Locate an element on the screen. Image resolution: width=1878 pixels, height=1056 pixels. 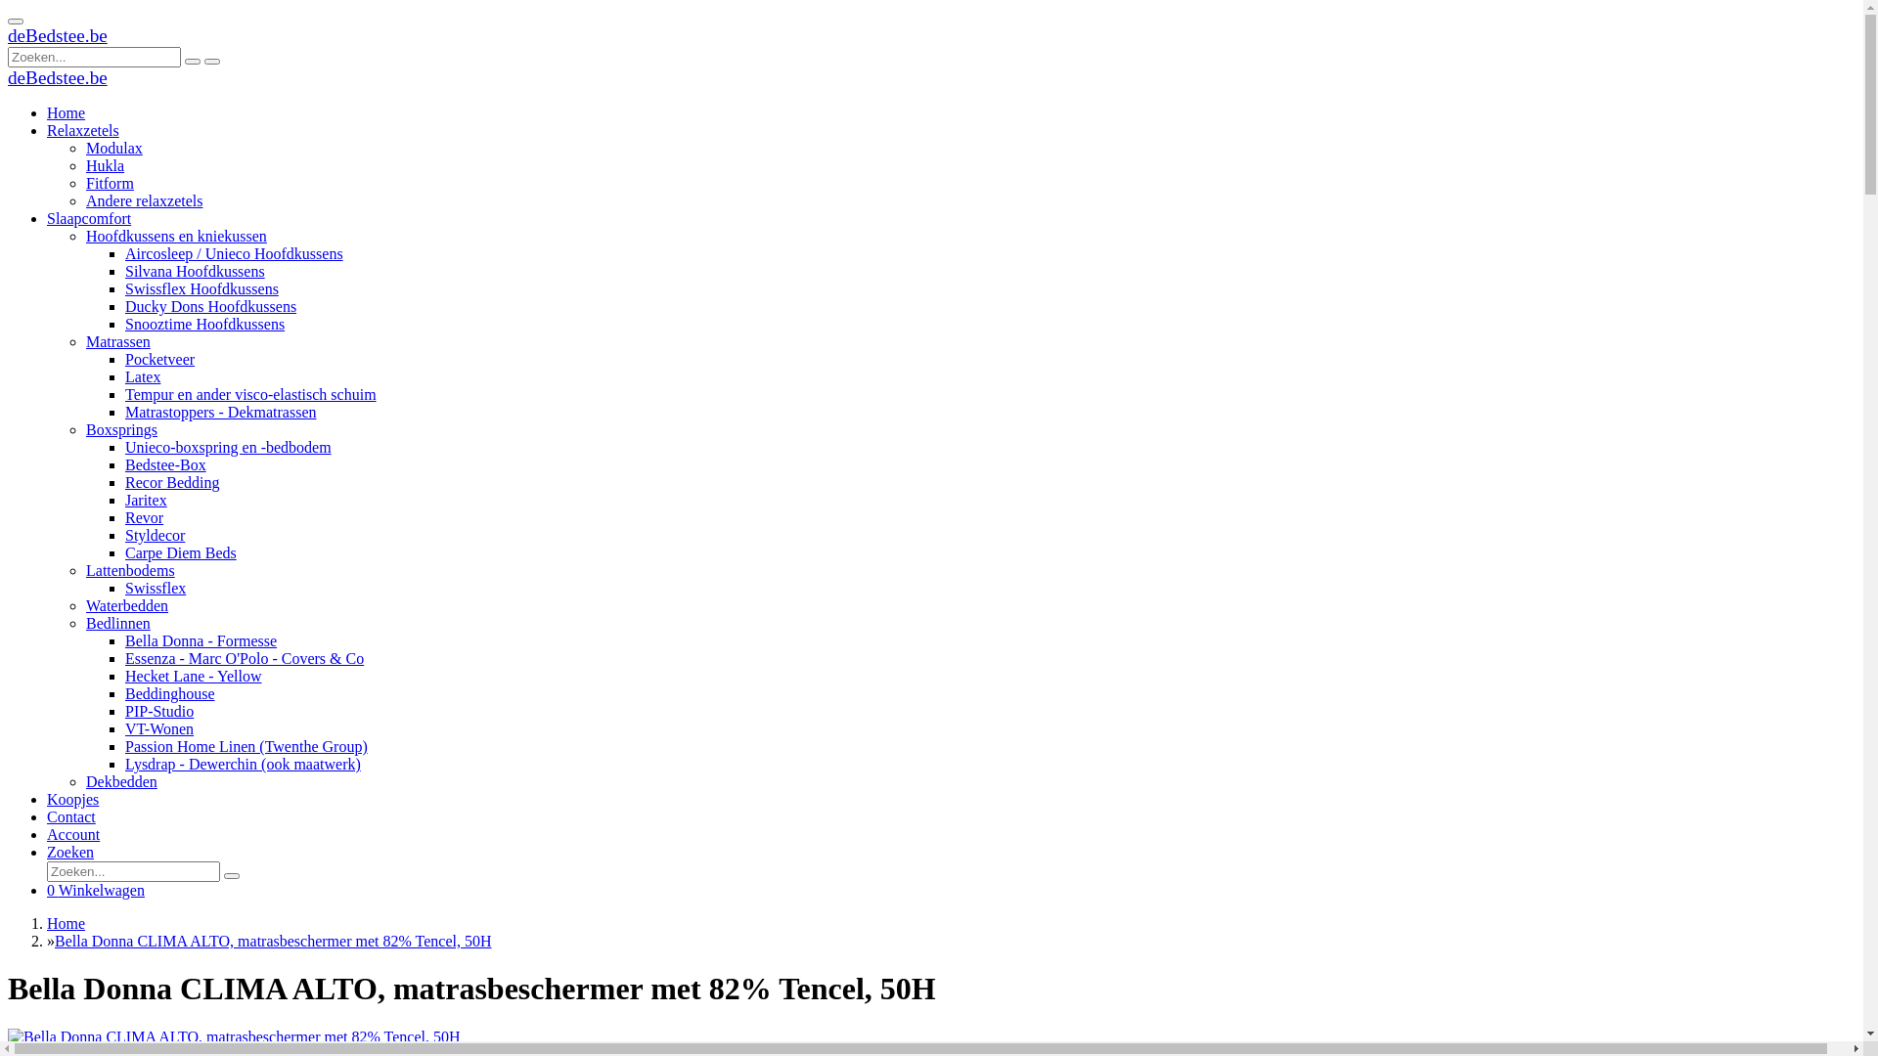
'Essenza - Marc O'Polo - Covers & Co' is located at coordinates (243, 658).